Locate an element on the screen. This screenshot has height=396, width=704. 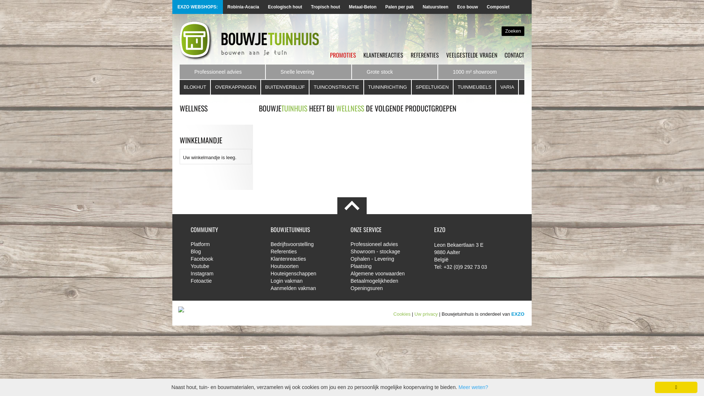
'Blog' is located at coordinates (225, 251).